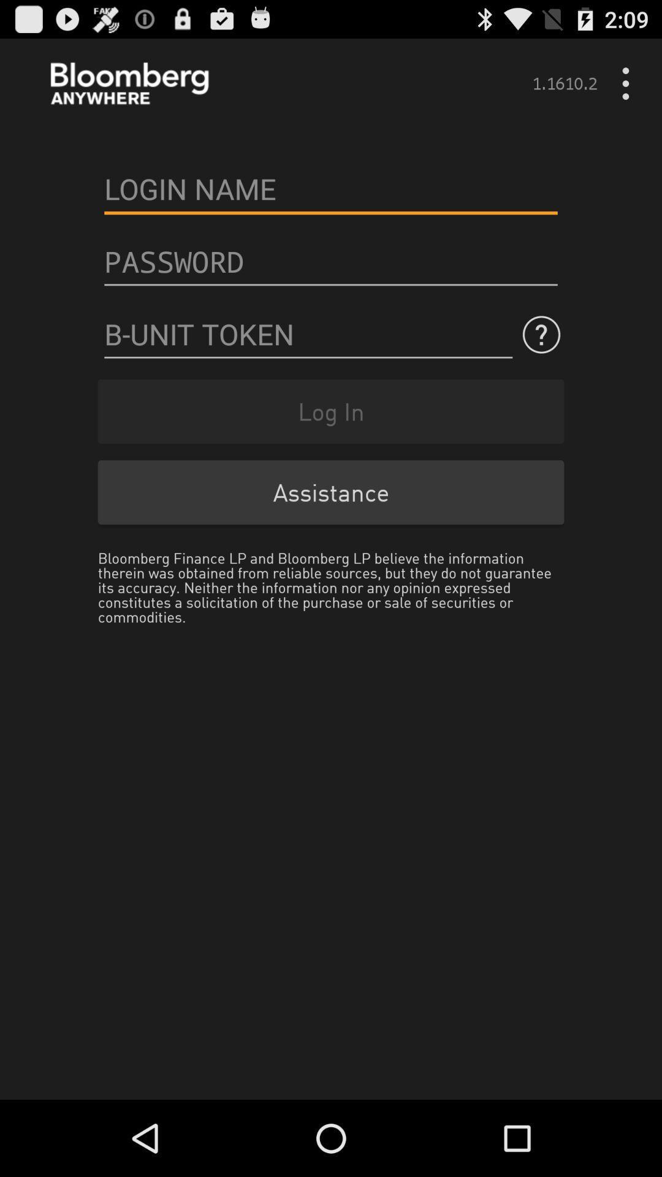 The width and height of the screenshot is (662, 1177). Describe the element at coordinates (331, 188) in the screenshot. I see `type in your login name in the field` at that location.